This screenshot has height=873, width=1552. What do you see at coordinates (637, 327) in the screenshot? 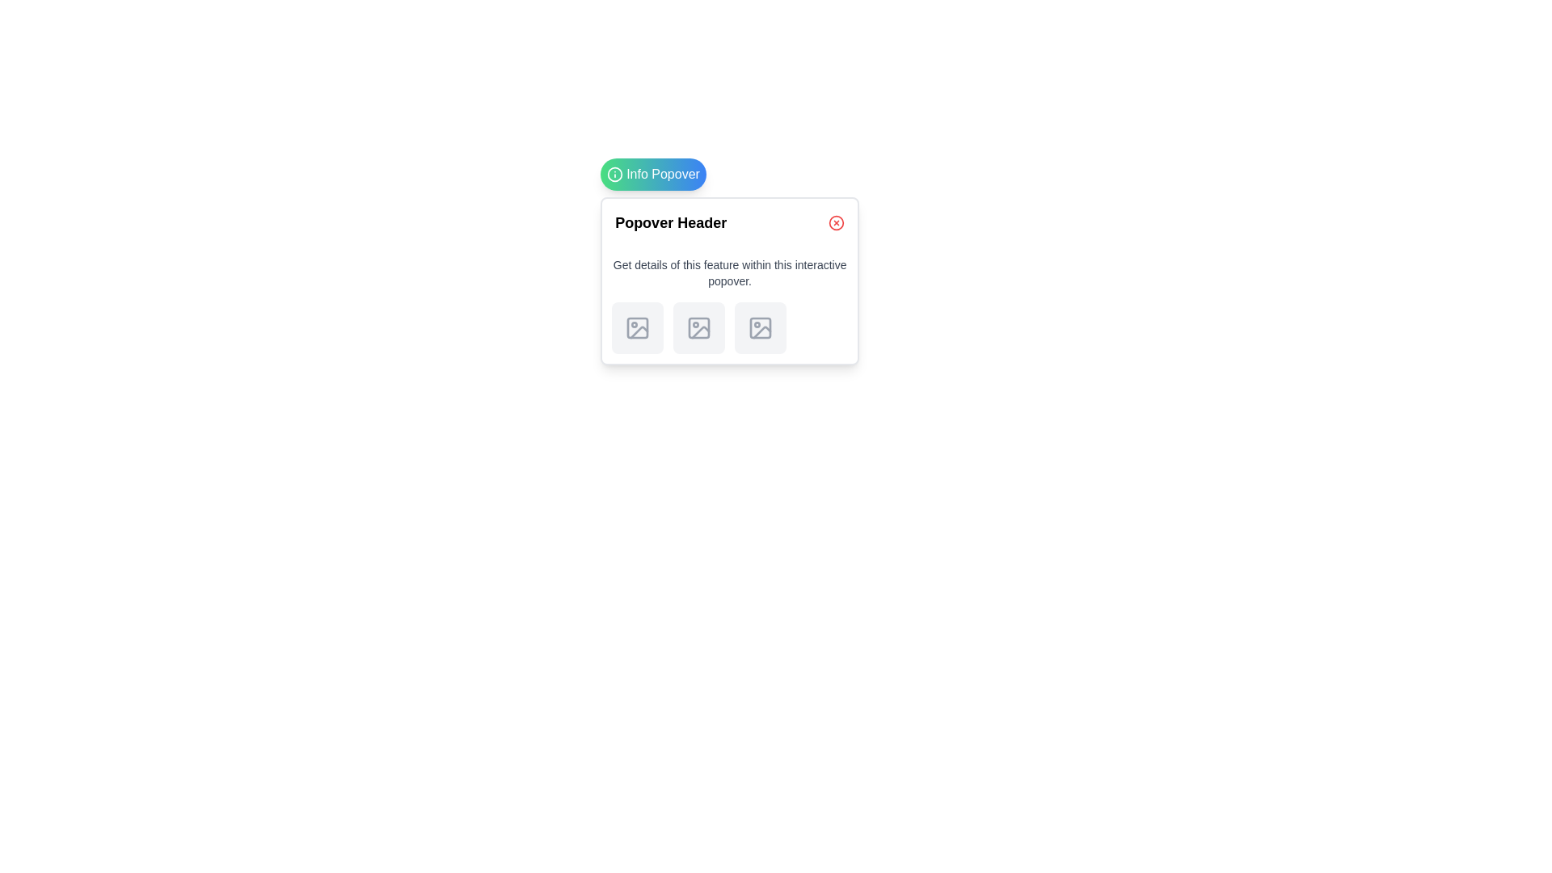
I see `the icon background square element located at the center bottom of the popover under 'Popover Header'` at bounding box center [637, 327].